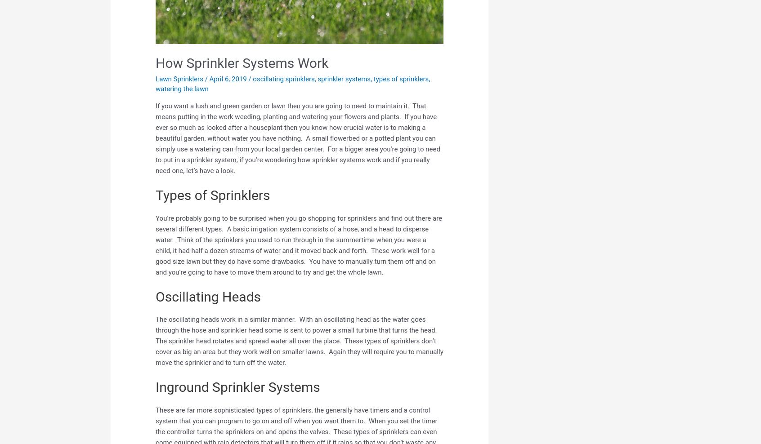  Describe the element at coordinates (299, 244) in the screenshot. I see `'You’re probably going to be surprised when you go shopping for sprinklers and find out there are several different types.  A basic irrigation system consists of a hose, and a head to disperse water.  Think of the sprinklers you used to run through in the summertime when you were a child, it had half a dozen streams of water and it moved back and forth.  These work well for a good size lawn but they do have some drawbacks.  You have to manually turn them off and on and you’re going to have to move them around to try and get the whole lawn.'` at that location.